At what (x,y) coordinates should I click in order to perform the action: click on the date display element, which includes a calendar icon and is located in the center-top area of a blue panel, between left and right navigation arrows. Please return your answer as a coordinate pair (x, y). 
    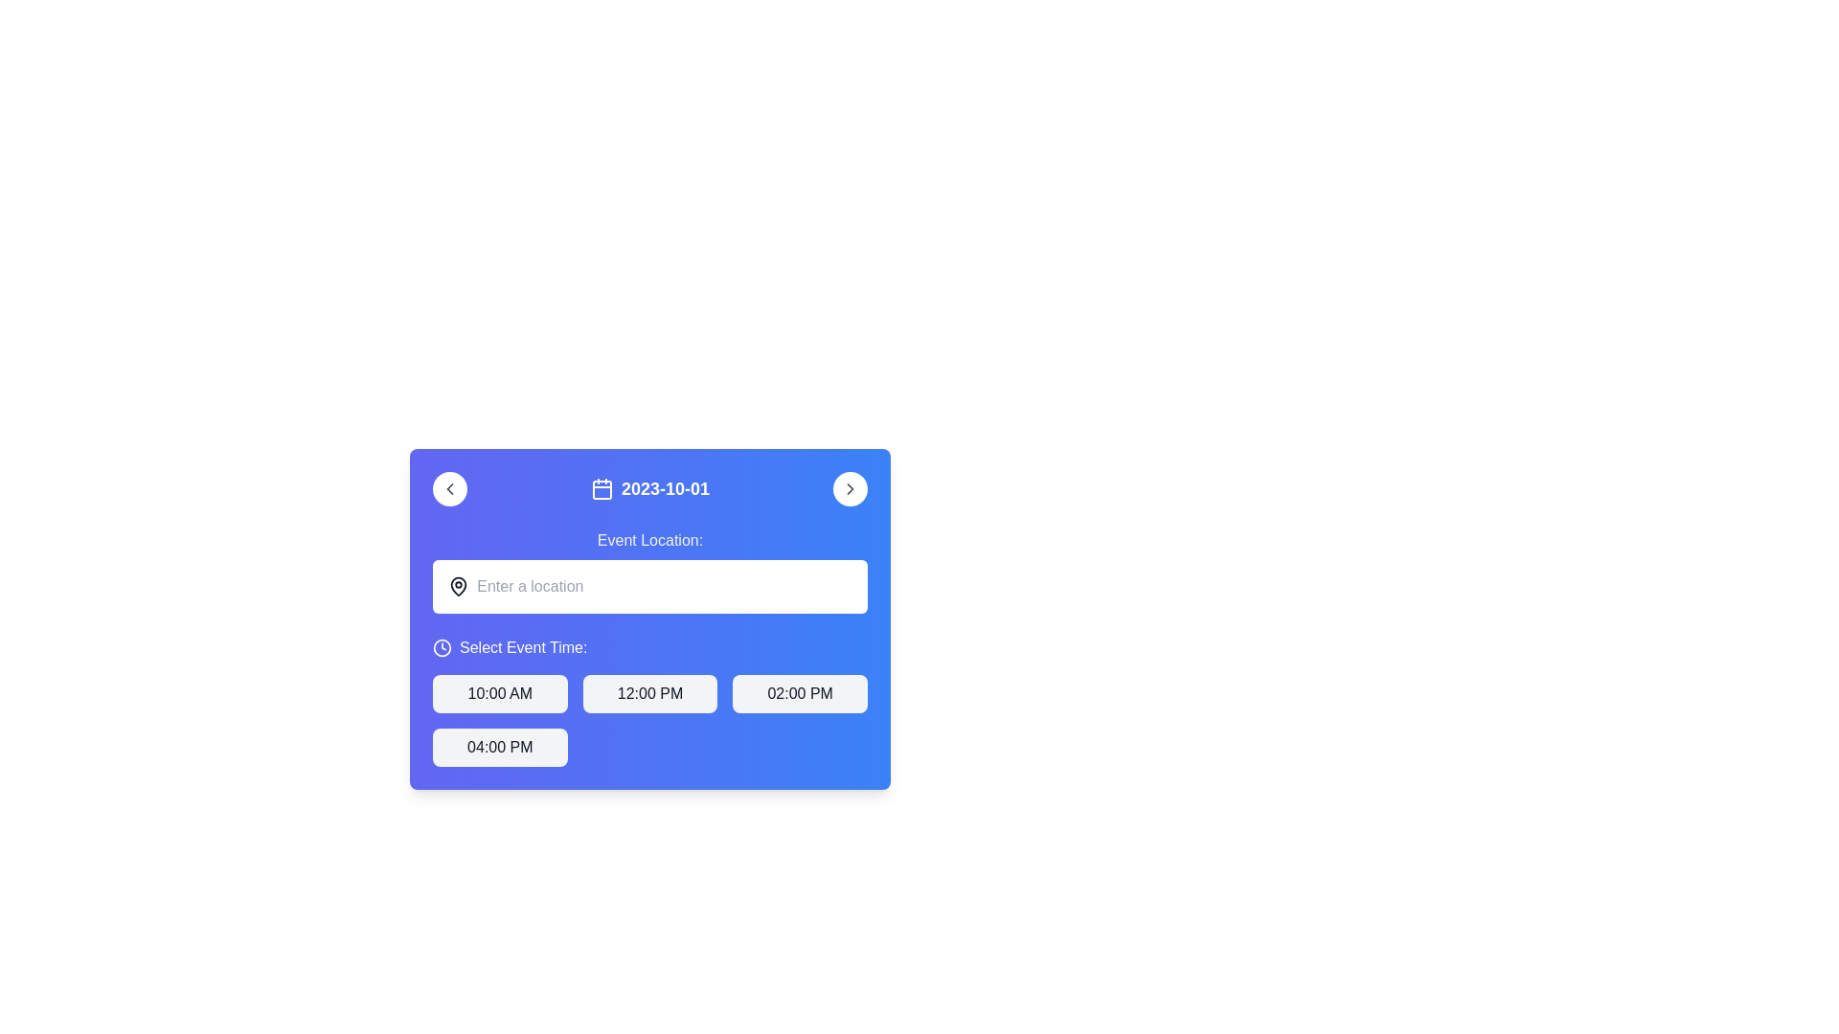
    Looking at the image, I should click on (649, 487).